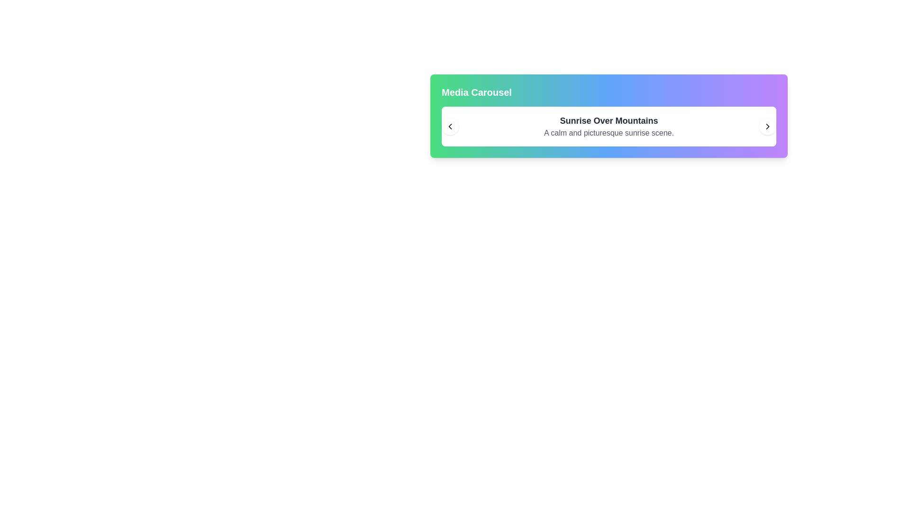 The width and height of the screenshot is (910, 512). Describe the element at coordinates (768, 126) in the screenshot. I see `the circular button with a white background and right-facing chevron icon` at that location.